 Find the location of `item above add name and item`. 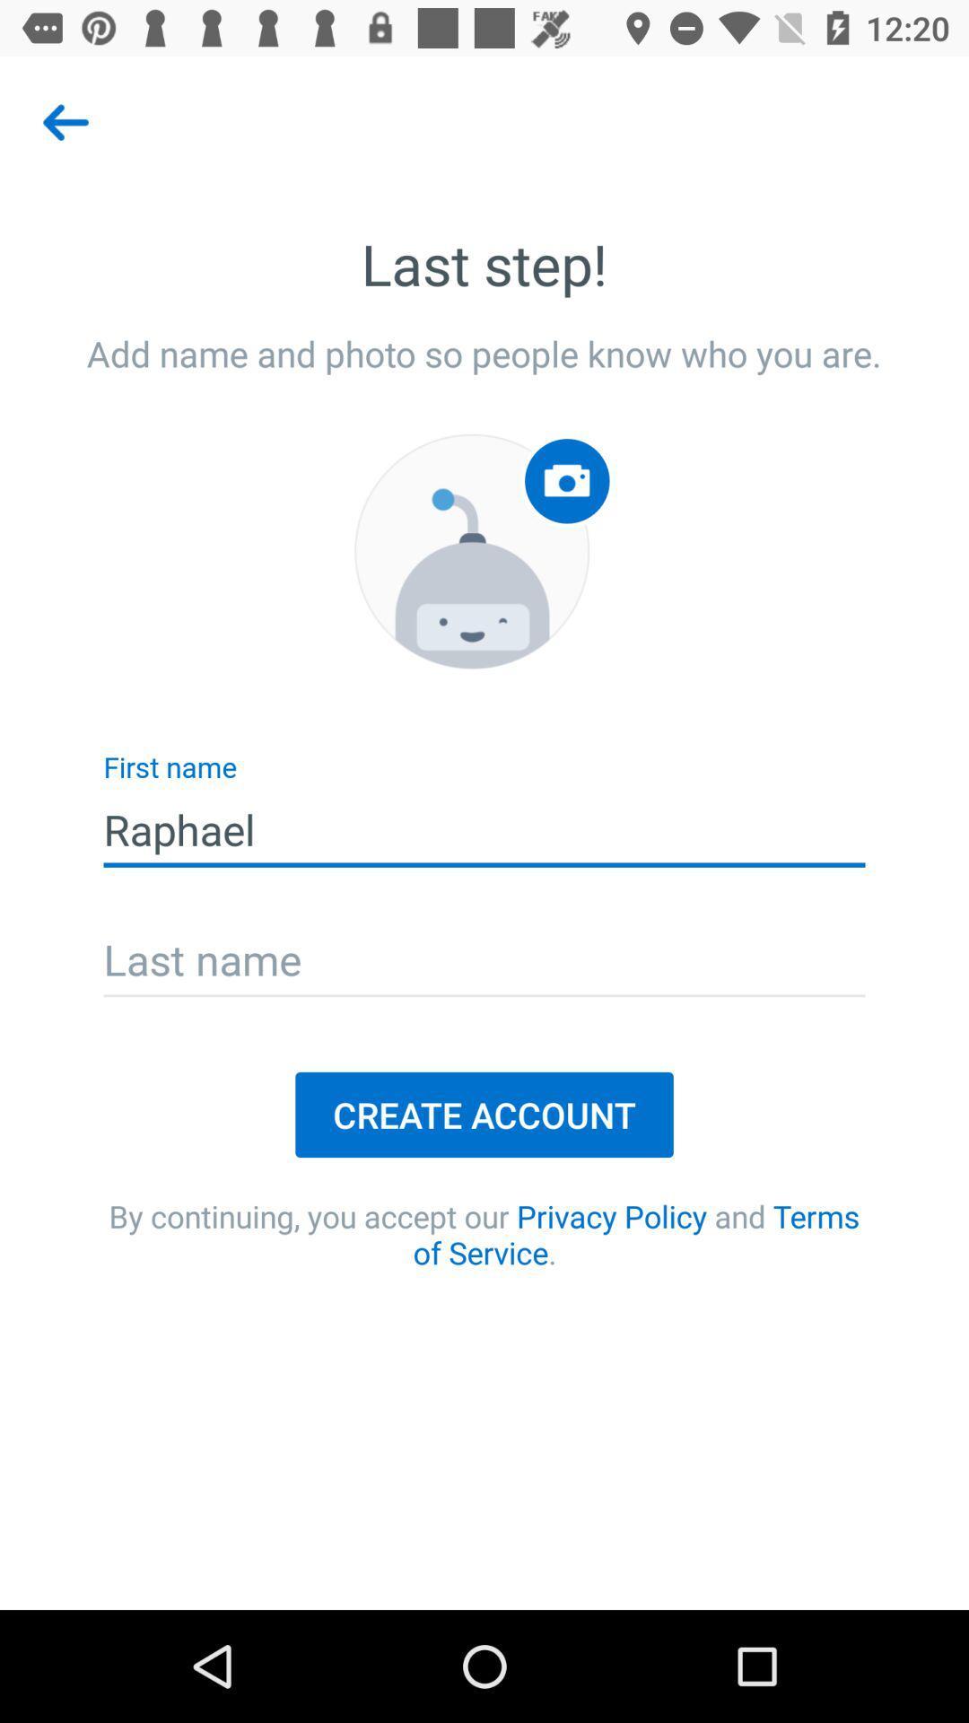

item above add name and item is located at coordinates (65, 121).